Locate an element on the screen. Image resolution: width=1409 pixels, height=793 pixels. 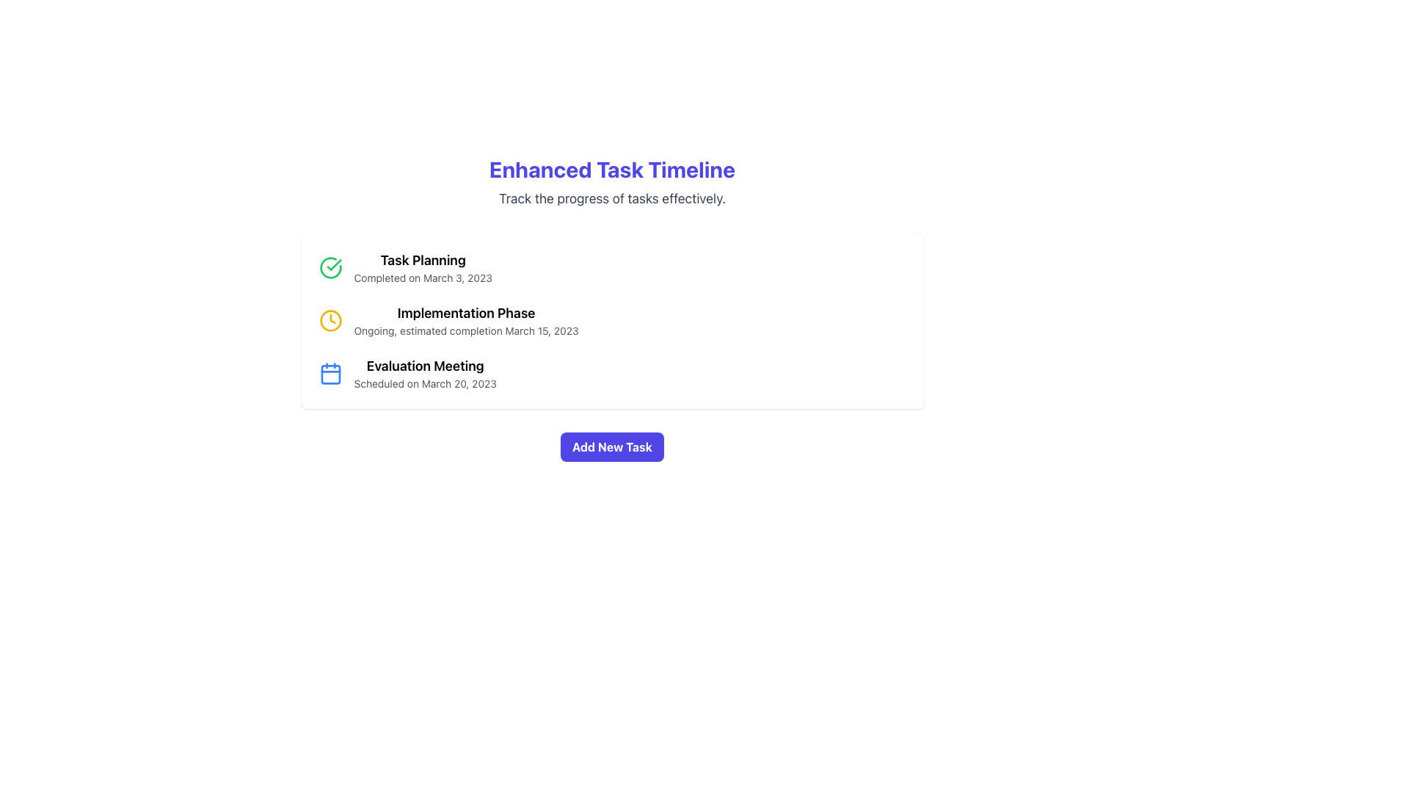
the circular outline of the clock face icon associated with the 'Implementation Phase' task is located at coordinates (330, 319).